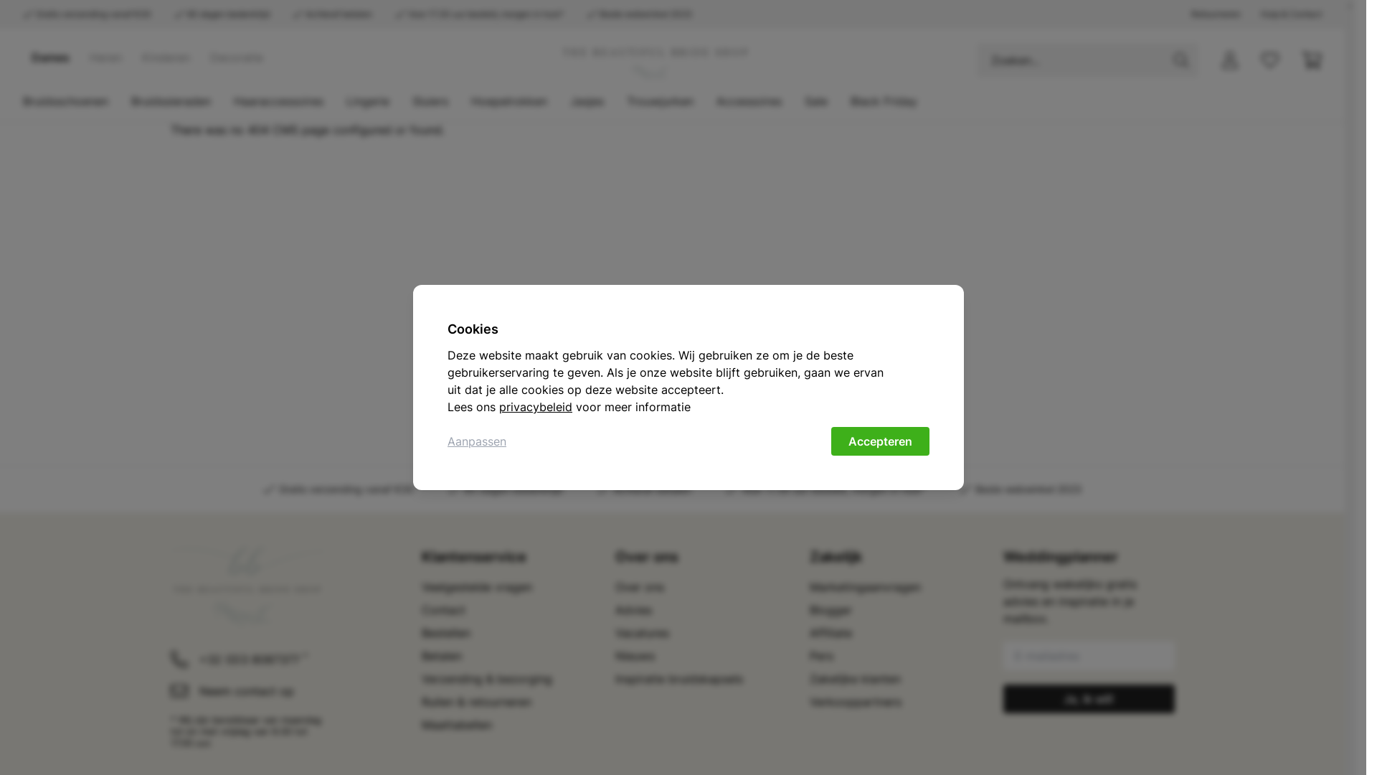 The width and height of the screenshot is (1377, 775). Describe the element at coordinates (430, 100) in the screenshot. I see `'Sluiers'` at that location.